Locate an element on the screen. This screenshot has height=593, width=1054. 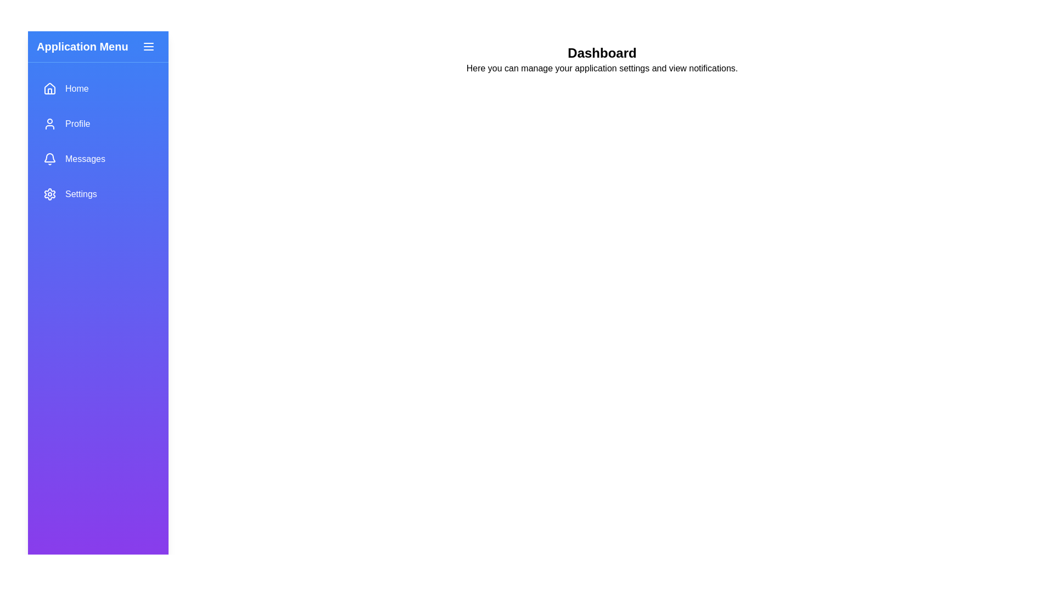
text label indicating 'Messages' in the vertical navigation menu, positioned to the right of the notification bell icon is located at coordinates (85, 159).